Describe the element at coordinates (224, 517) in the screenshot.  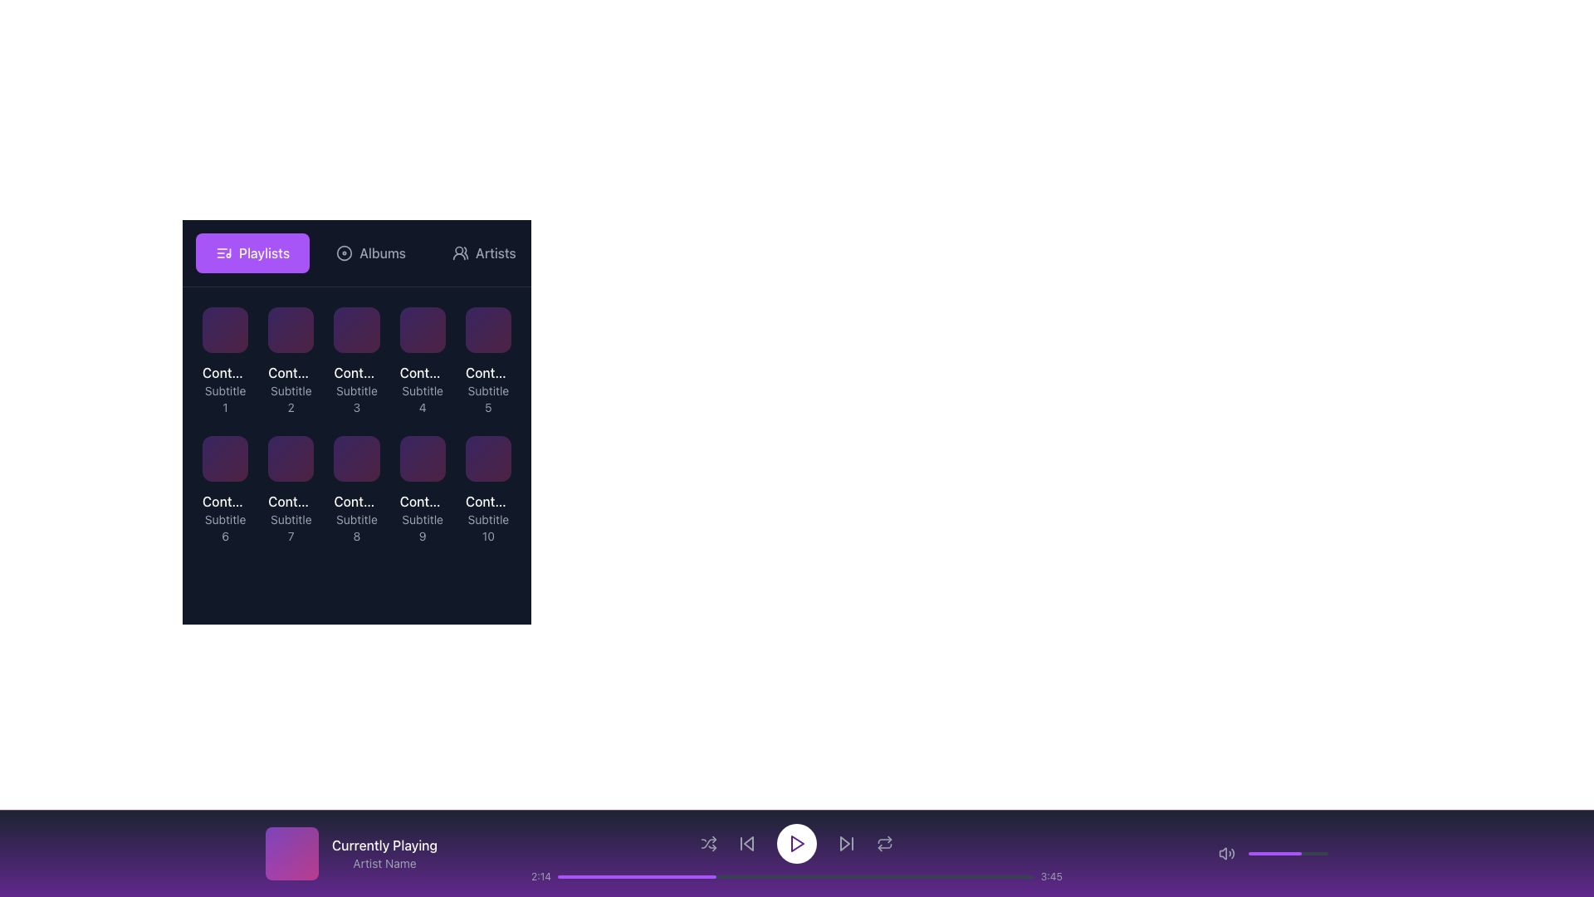
I see `text content of the labeled card located in the second row and first column of the grid layout` at that location.